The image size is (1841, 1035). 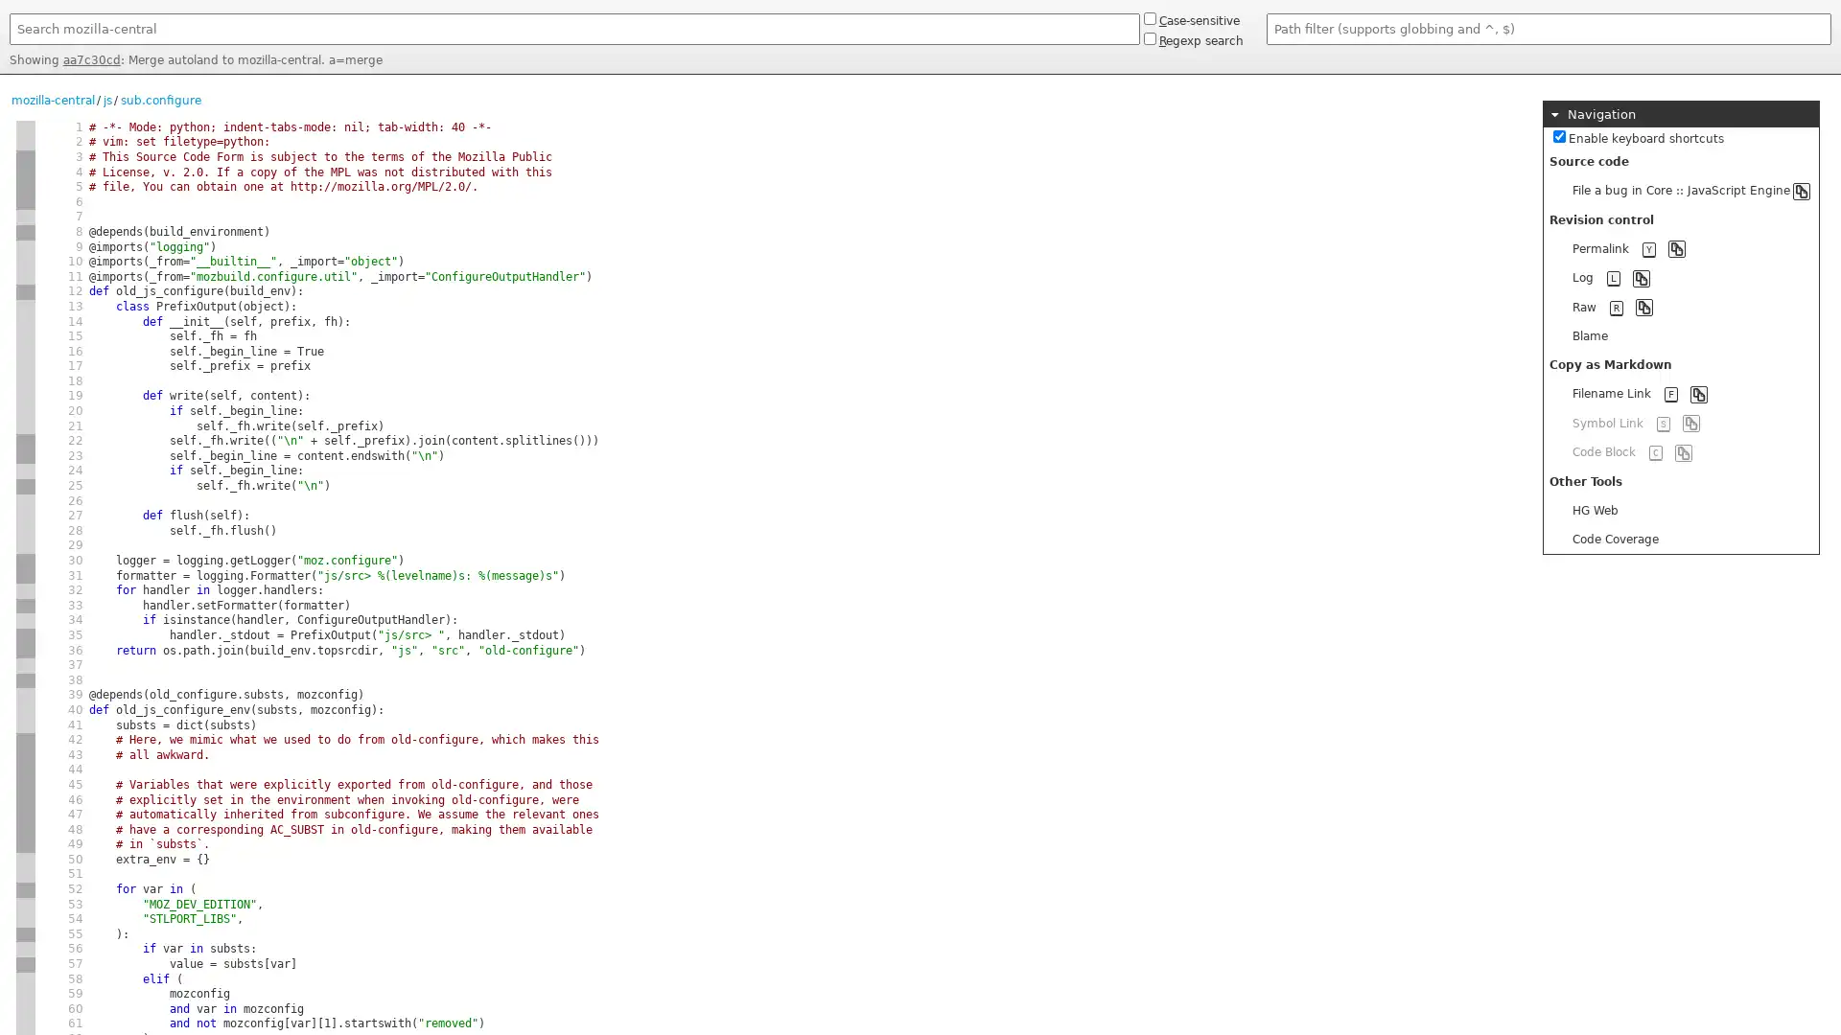 What do you see at coordinates (26, 531) in the screenshot?
I see `same hash 6` at bounding box center [26, 531].